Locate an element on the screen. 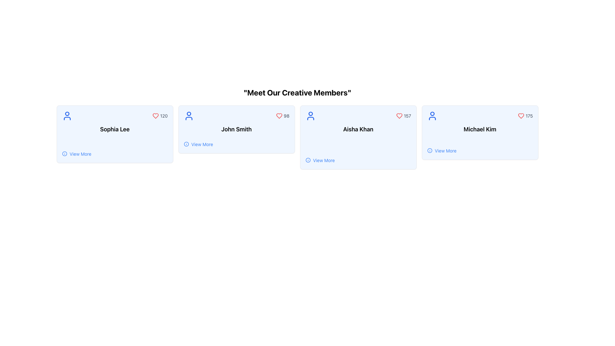 This screenshot has width=615, height=346. the user icon located in the upper section of the card that displays a like count or similar metric, above the text 'Aisha Khan' is located at coordinates (358, 116).